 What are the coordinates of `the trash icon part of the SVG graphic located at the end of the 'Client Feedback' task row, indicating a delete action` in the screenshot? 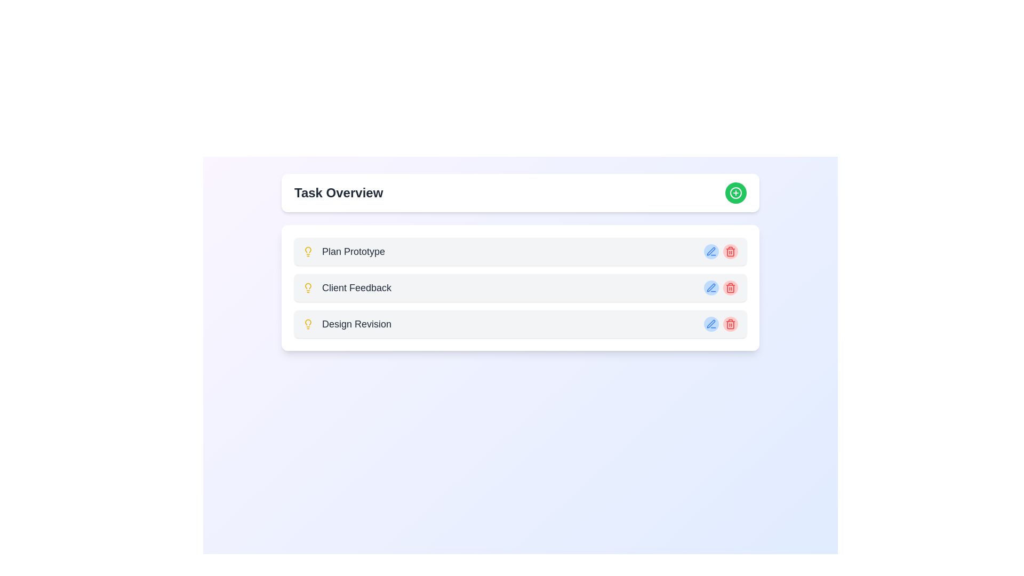 It's located at (730, 252).